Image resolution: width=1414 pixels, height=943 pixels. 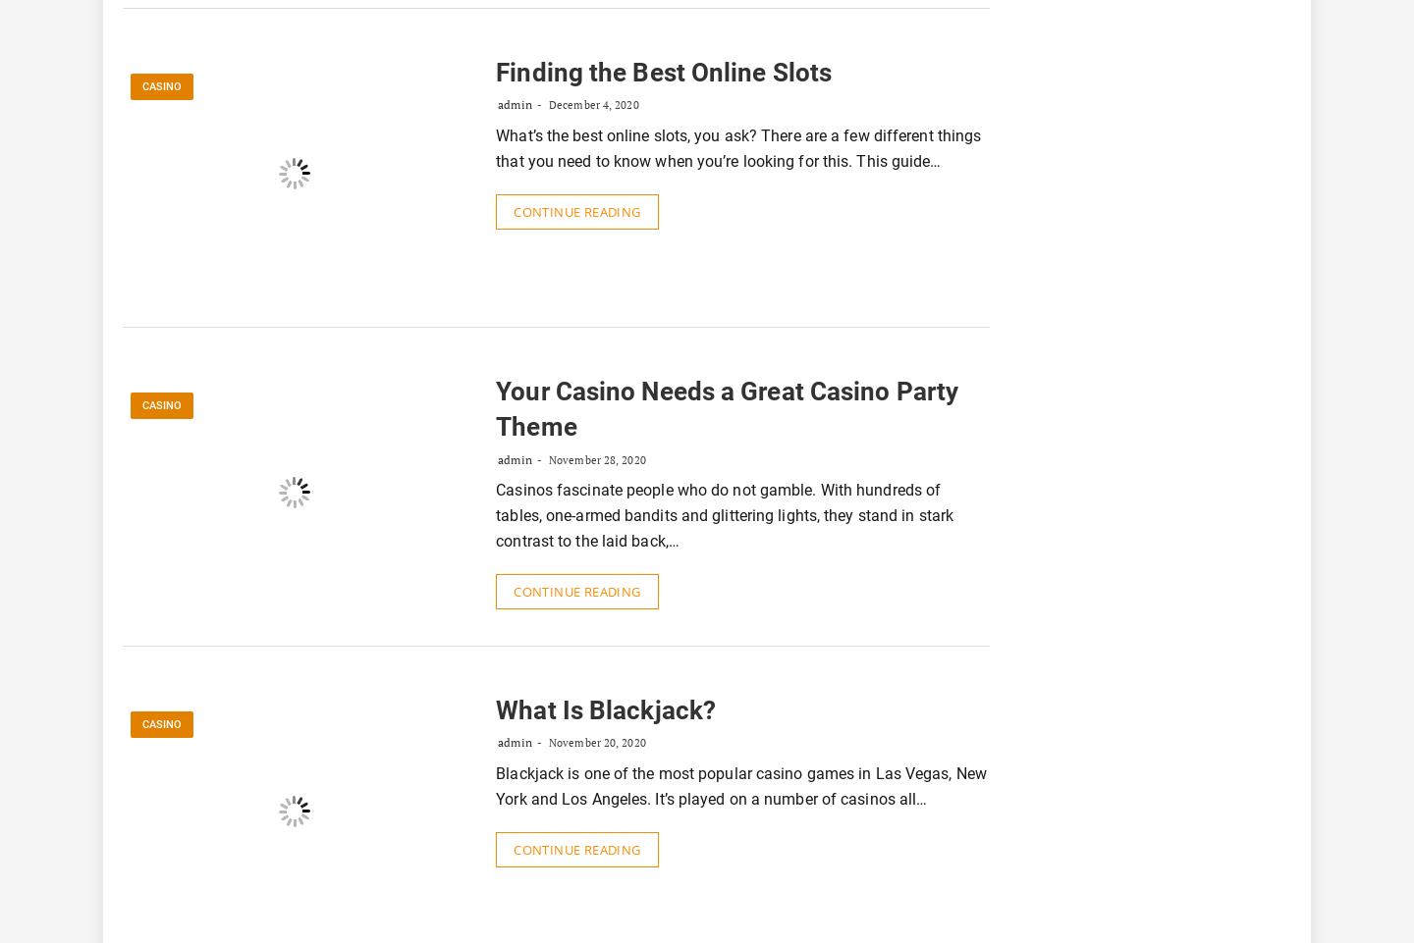 I want to click on 'Your Casino Needs a Great Casino Party Theme', so click(x=495, y=408).